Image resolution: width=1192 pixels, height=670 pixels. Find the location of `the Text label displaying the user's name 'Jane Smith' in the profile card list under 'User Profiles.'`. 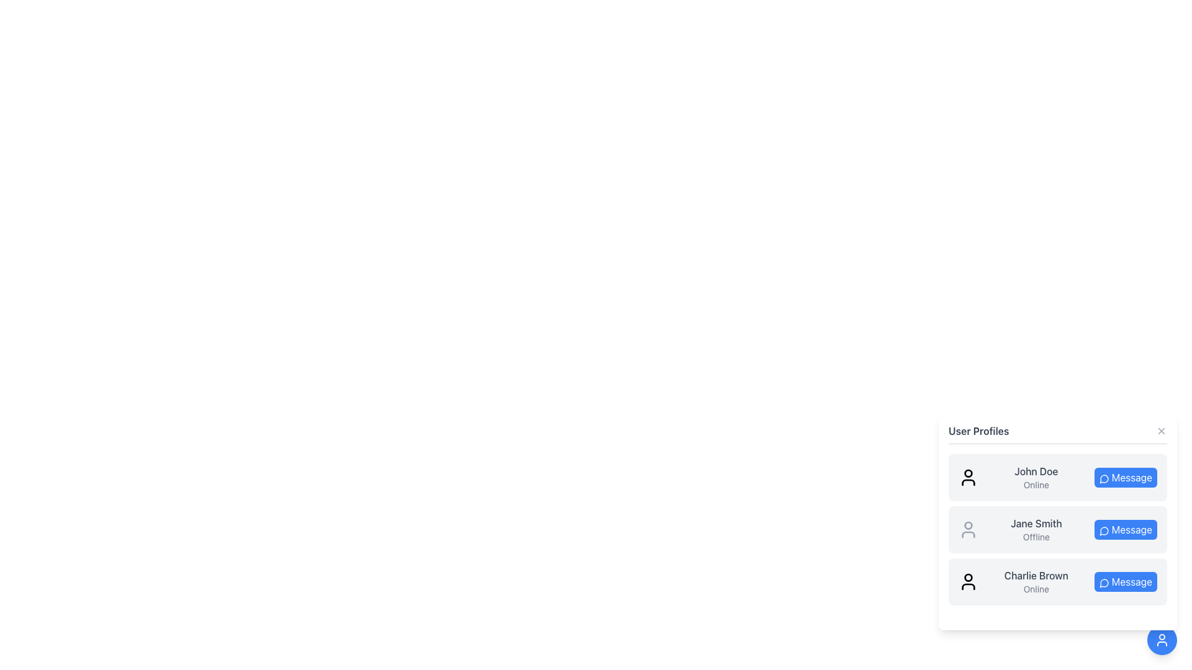

the Text label displaying the user's name 'Jane Smith' in the profile card list under 'User Profiles.' is located at coordinates (1036, 524).